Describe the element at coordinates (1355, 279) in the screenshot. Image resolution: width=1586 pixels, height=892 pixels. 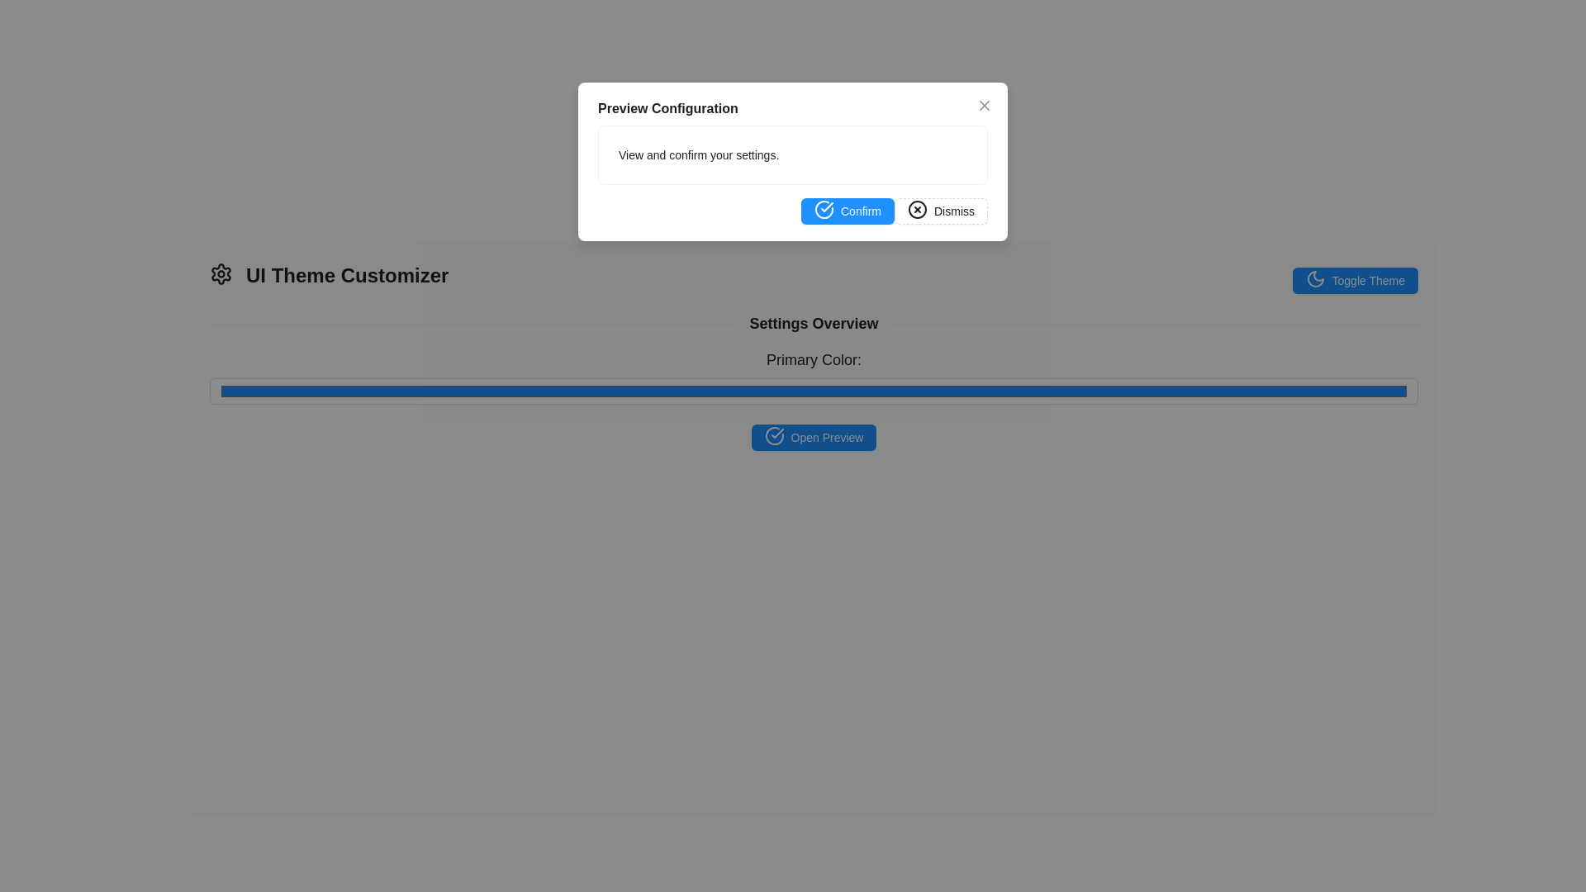
I see `the rectangular button with a blue background labeled 'Toggle Theme'` at that location.